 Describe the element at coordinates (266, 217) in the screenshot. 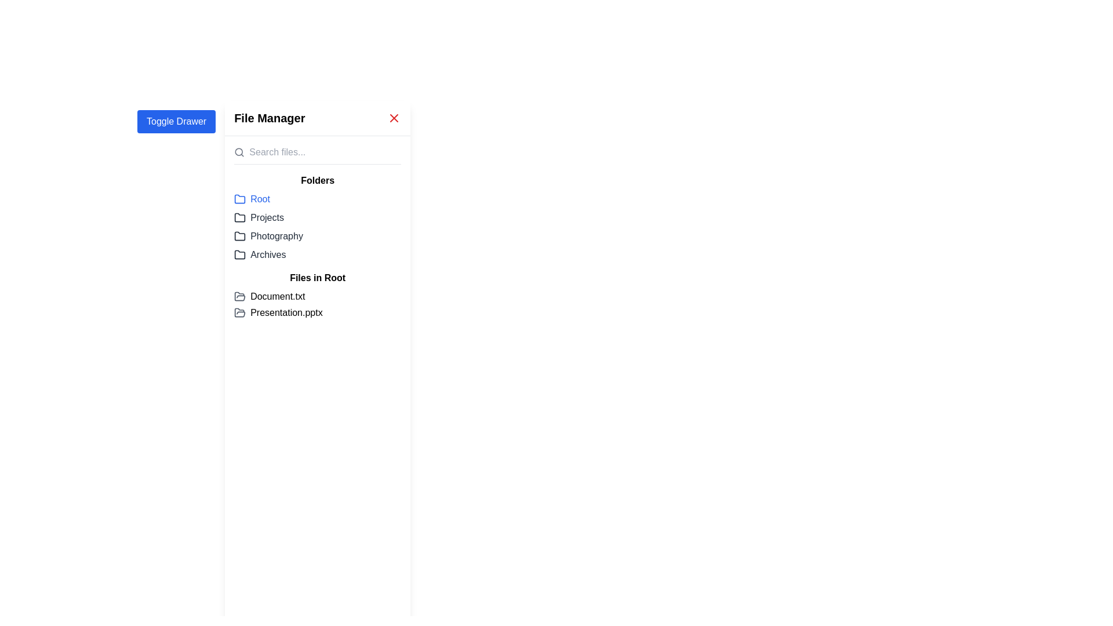

I see `the 'Projects' folder name label in the left pane of the file manager` at that location.